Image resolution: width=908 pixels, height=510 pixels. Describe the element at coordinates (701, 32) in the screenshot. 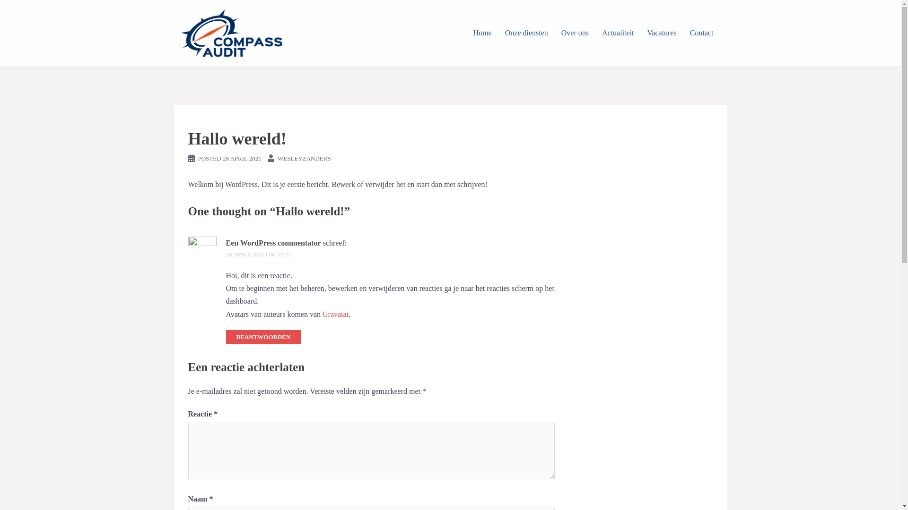

I see `'Contact'` at that location.